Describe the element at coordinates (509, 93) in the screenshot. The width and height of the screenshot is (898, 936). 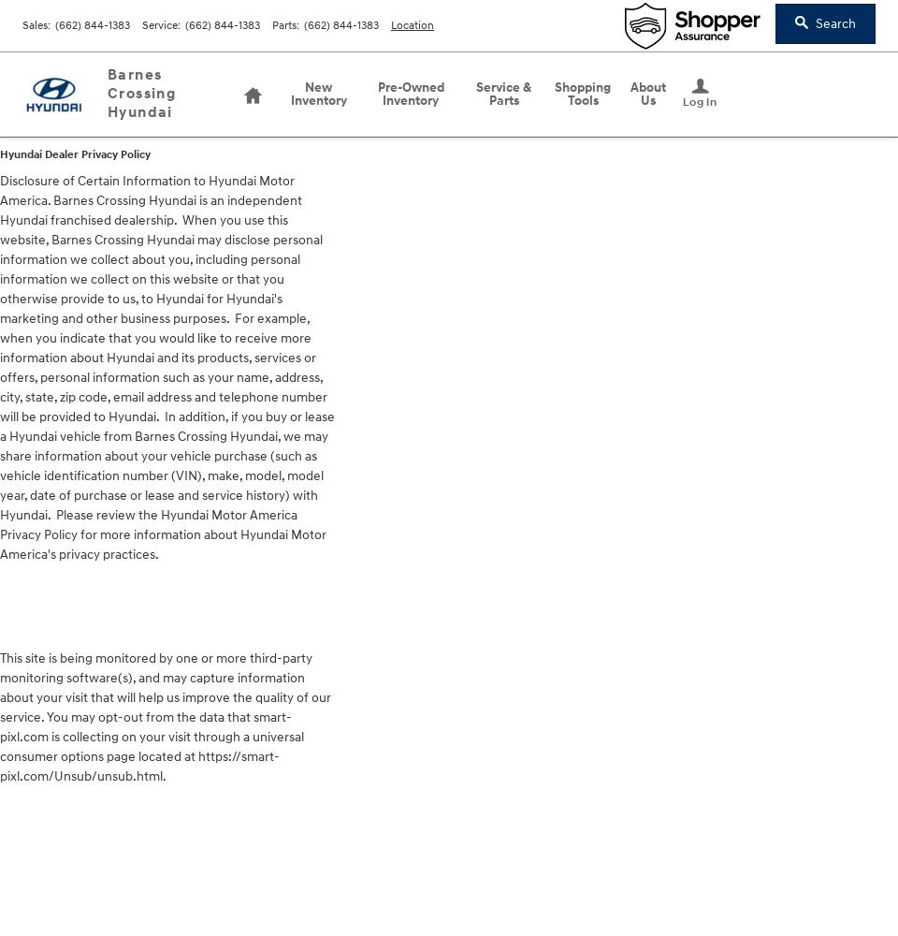
I see `'& Parts'` at that location.